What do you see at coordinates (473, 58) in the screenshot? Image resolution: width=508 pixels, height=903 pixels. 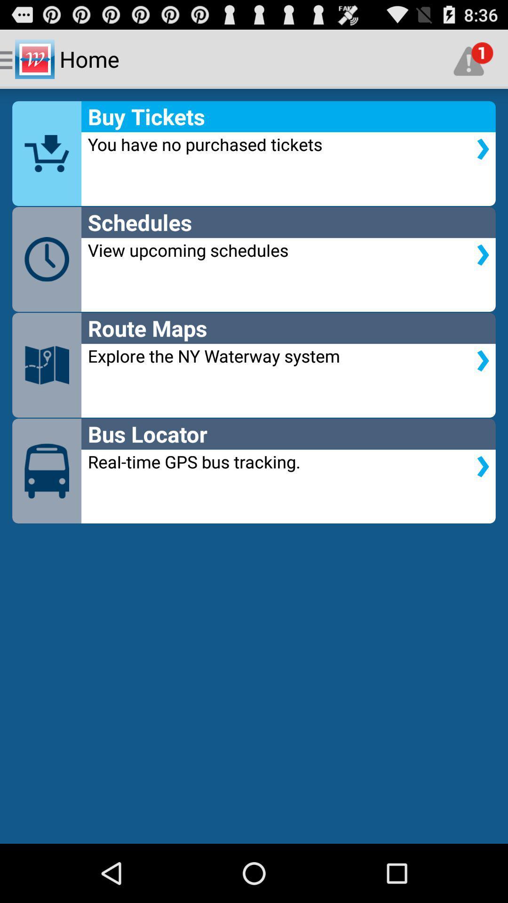 I see `caution icon` at bounding box center [473, 58].